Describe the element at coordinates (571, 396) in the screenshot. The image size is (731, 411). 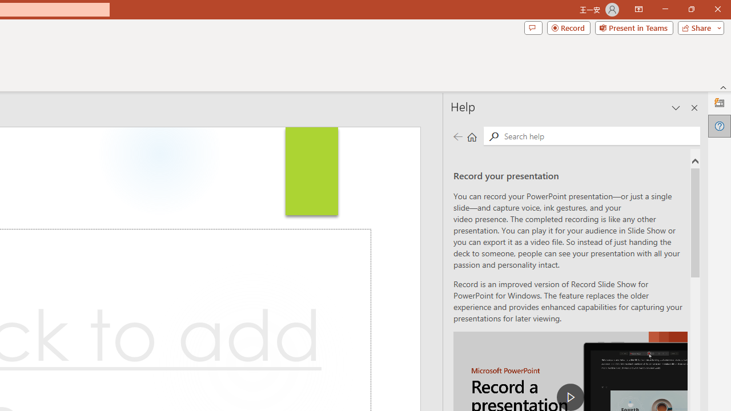
I see `'play Record a Presentation'` at that location.